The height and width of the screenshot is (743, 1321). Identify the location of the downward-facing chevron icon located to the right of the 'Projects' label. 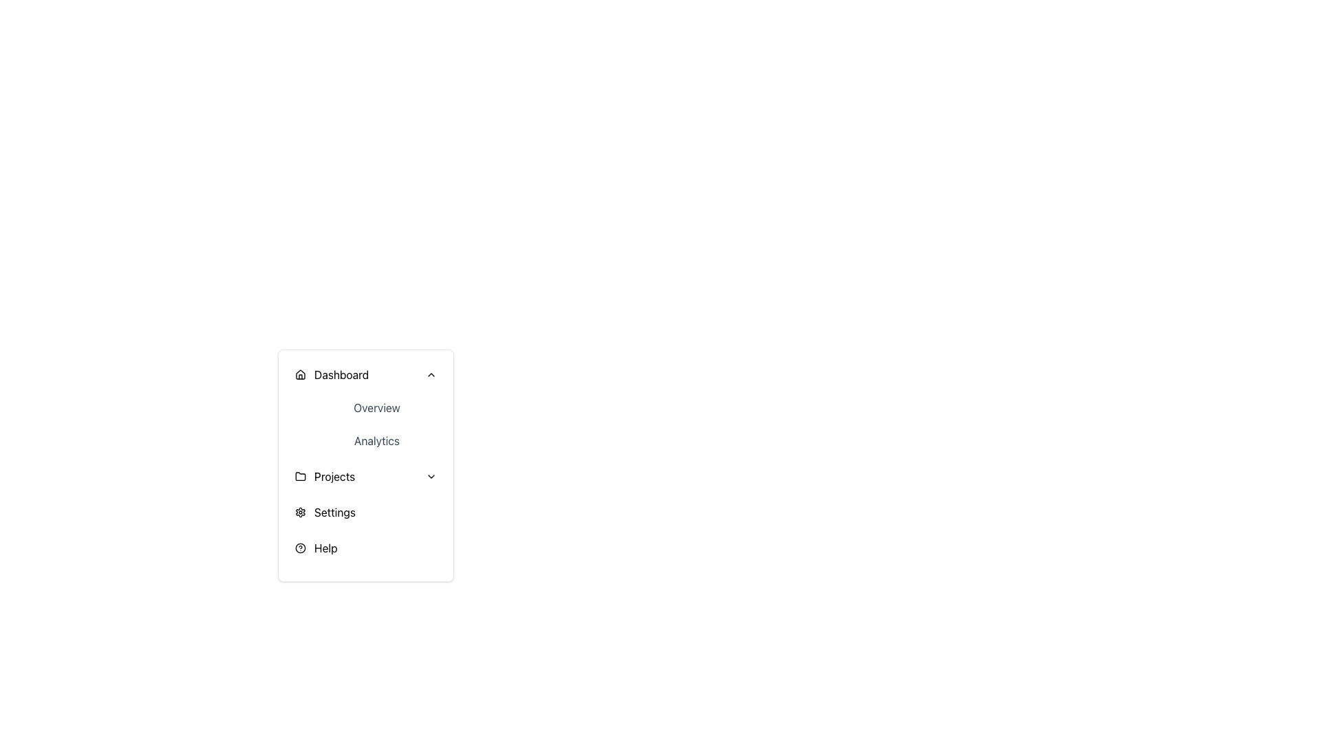
(431, 476).